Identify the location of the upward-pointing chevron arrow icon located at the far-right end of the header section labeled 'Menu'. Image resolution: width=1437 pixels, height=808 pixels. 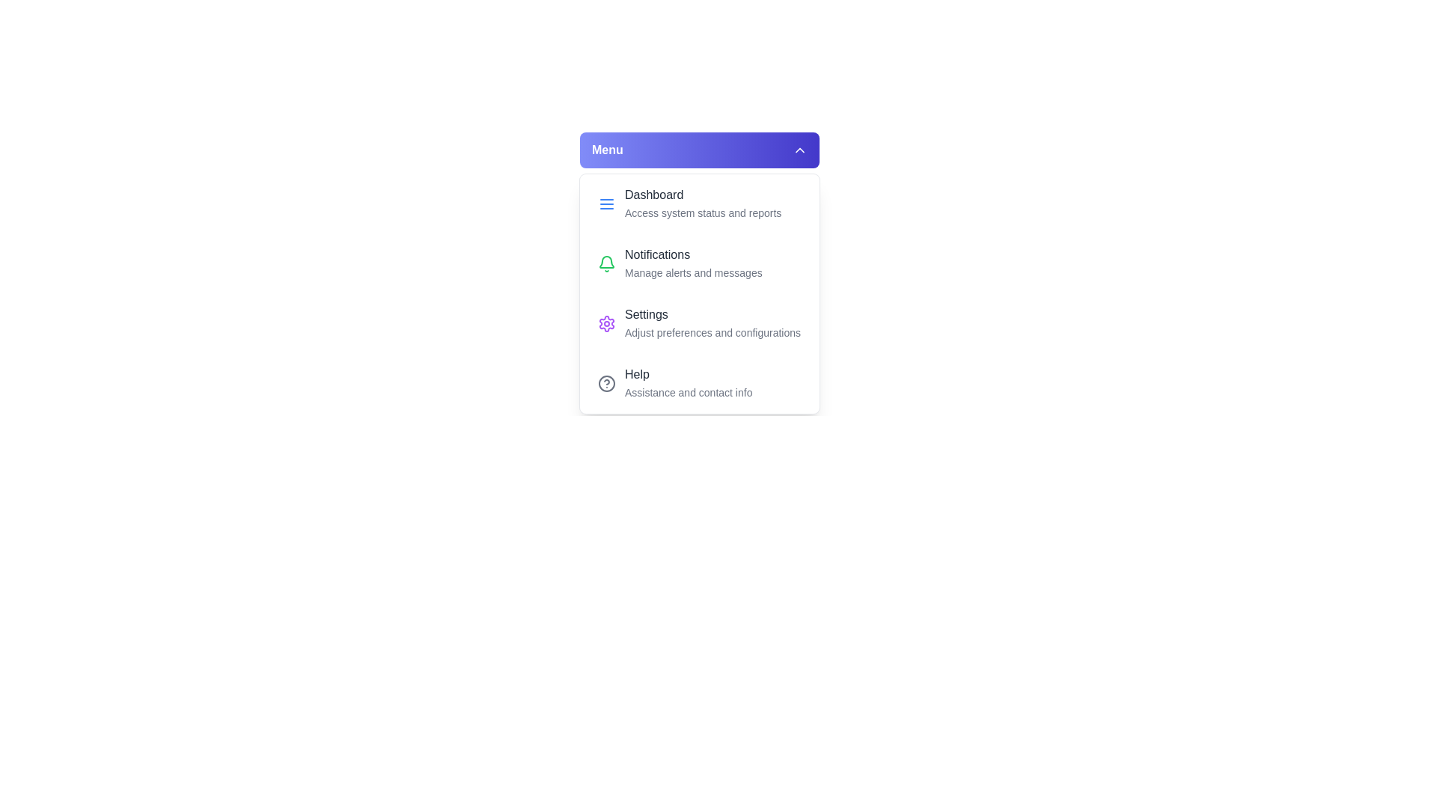
(799, 150).